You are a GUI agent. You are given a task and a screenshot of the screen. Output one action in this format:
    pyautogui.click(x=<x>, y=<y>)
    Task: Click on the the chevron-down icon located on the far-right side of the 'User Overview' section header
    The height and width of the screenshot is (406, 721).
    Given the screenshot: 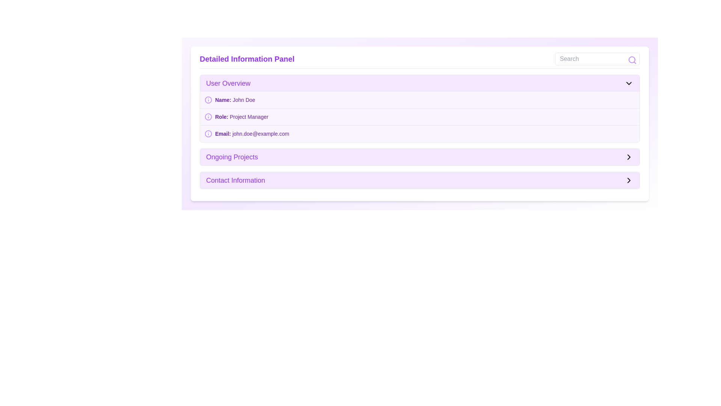 What is the action you would take?
    pyautogui.click(x=629, y=83)
    